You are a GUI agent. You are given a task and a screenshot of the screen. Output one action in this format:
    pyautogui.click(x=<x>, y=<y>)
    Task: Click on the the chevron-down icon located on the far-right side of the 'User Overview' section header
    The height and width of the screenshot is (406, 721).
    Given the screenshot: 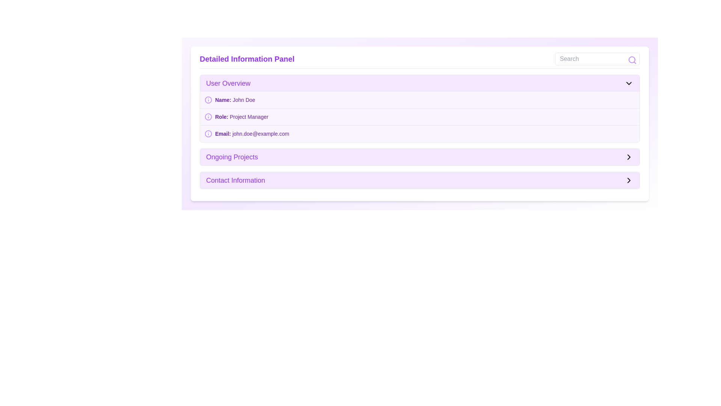 What is the action you would take?
    pyautogui.click(x=629, y=83)
    